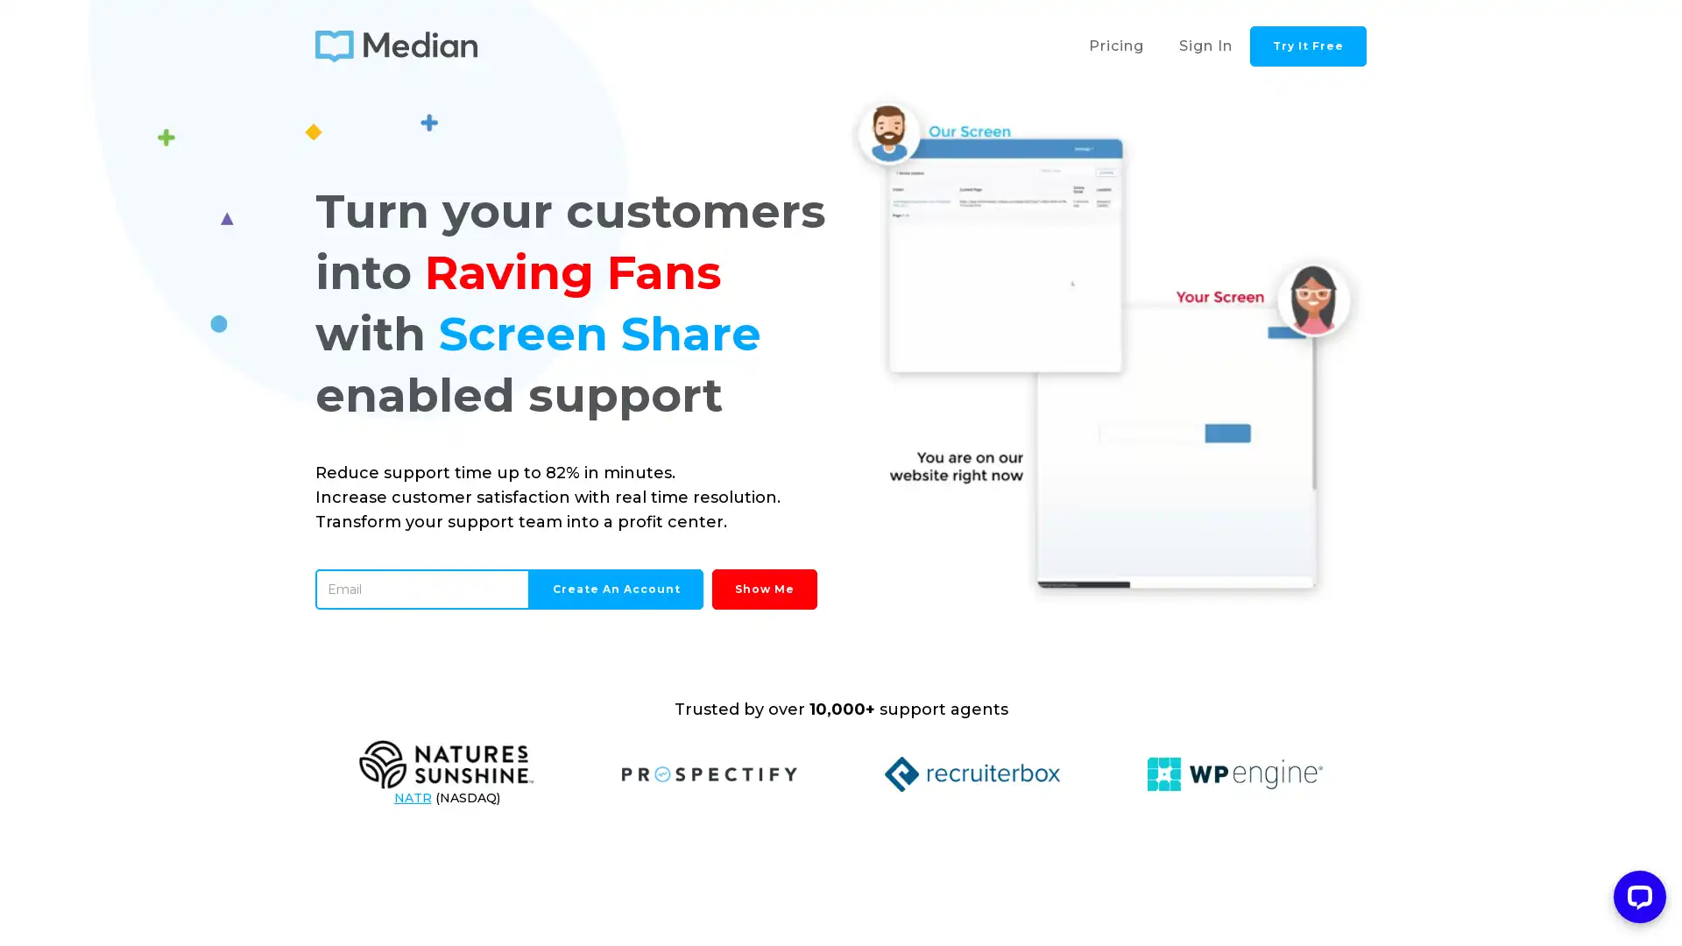 The width and height of the screenshot is (1682, 946). What do you see at coordinates (615, 589) in the screenshot?
I see `Create an Account` at bounding box center [615, 589].